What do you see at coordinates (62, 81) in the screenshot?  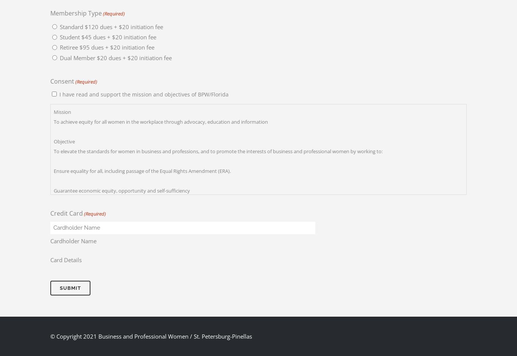 I see `'Consent'` at bounding box center [62, 81].